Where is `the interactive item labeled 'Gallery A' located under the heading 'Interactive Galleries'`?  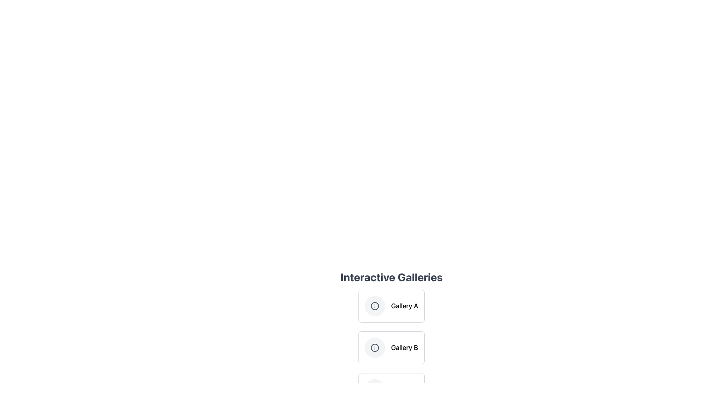 the interactive item labeled 'Gallery A' located under the heading 'Interactive Galleries' is located at coordinates (391, 306).